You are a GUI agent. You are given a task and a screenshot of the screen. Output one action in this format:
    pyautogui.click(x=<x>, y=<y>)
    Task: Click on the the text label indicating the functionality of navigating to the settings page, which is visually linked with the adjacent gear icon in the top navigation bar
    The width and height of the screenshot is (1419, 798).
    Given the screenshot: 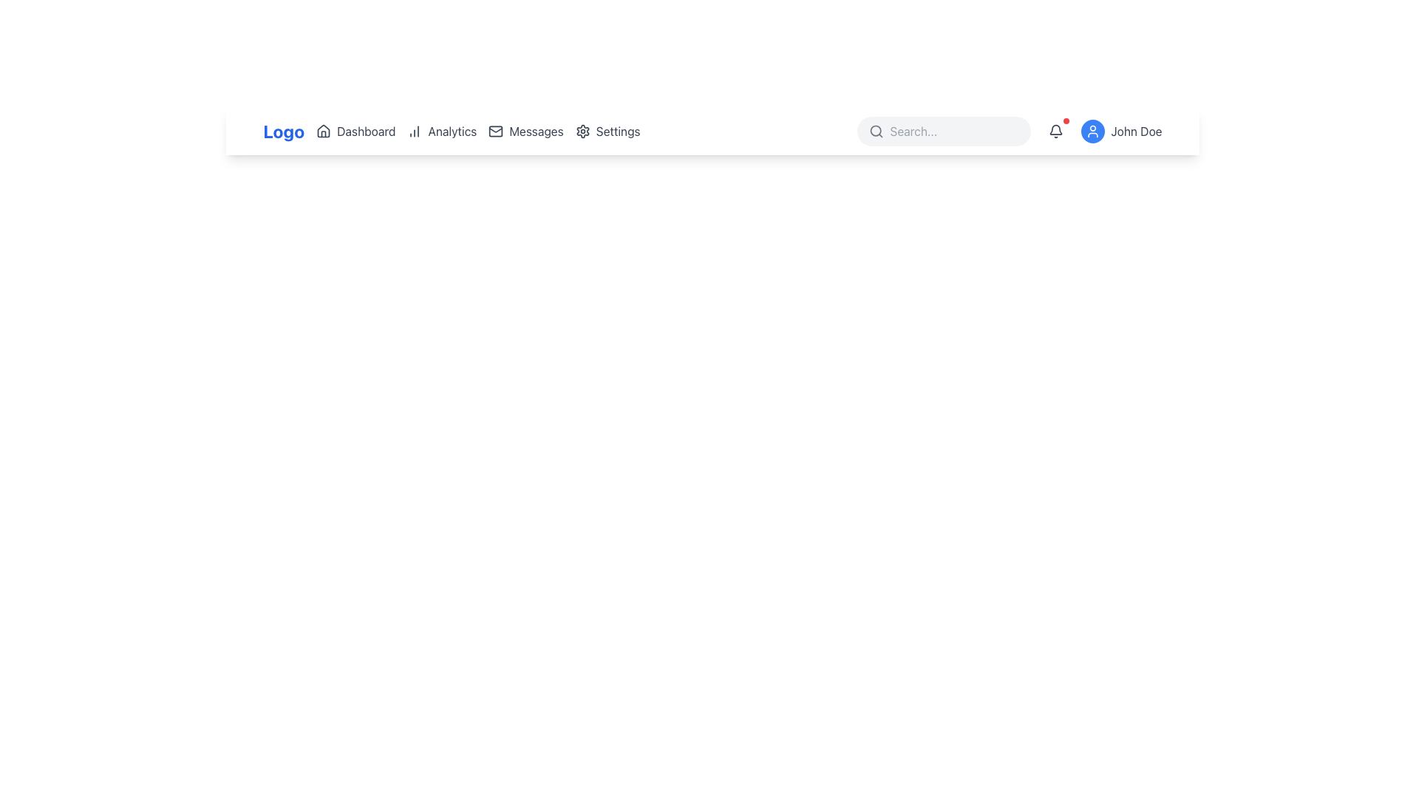 What is the action you would take?
    pyautogui.click(x=618, y=130)
    